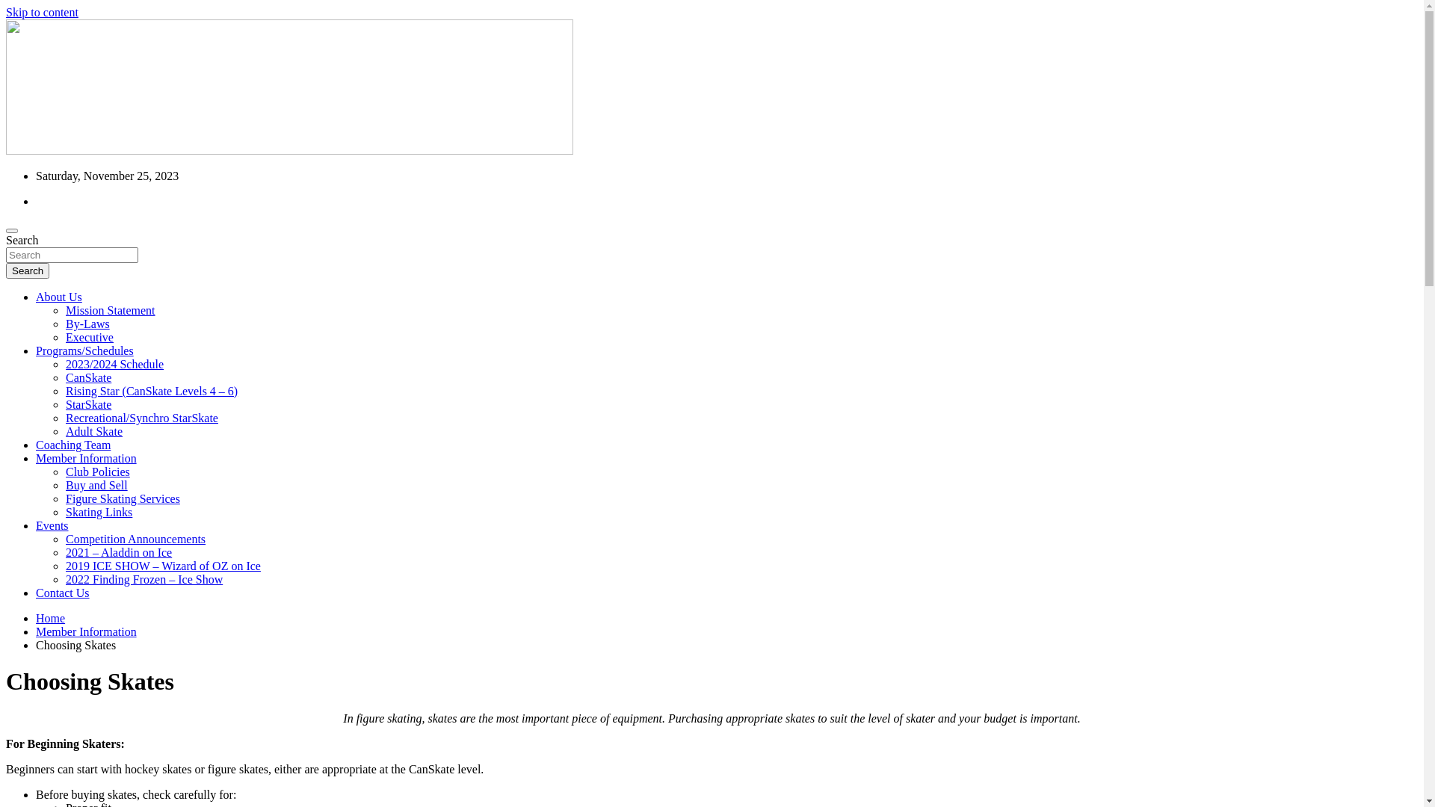 The height and width of the screenshot is (807, 1435). What do you see at coordinates (6, 270) in the screenshot?
I see `'Search'` at bounding box center [6, 270].